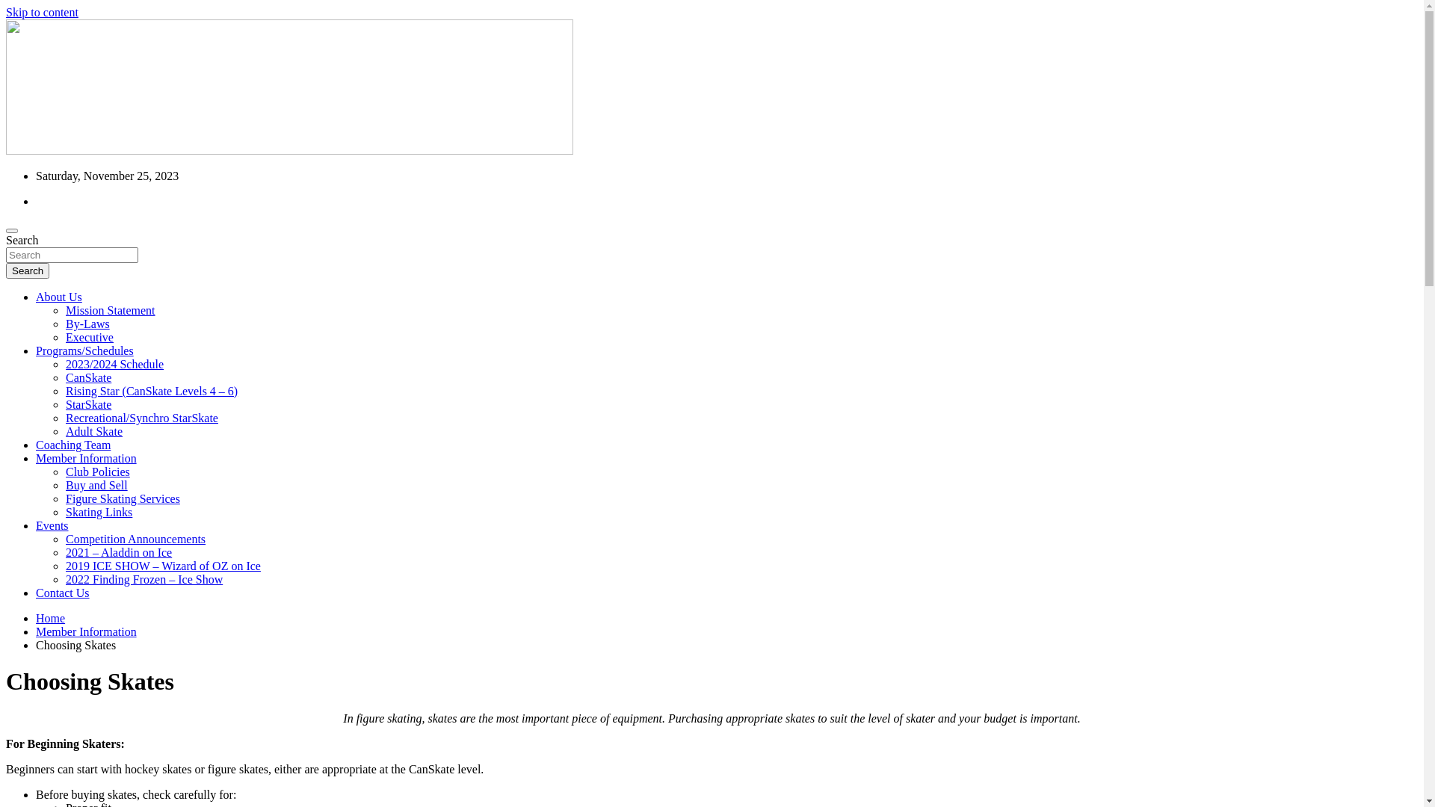 The height and width of the screenshot is (807, 1435). What do you see at coordinates (6, 270) in the screenshot?
I see `'Search'` at bounding box center [6, 270].